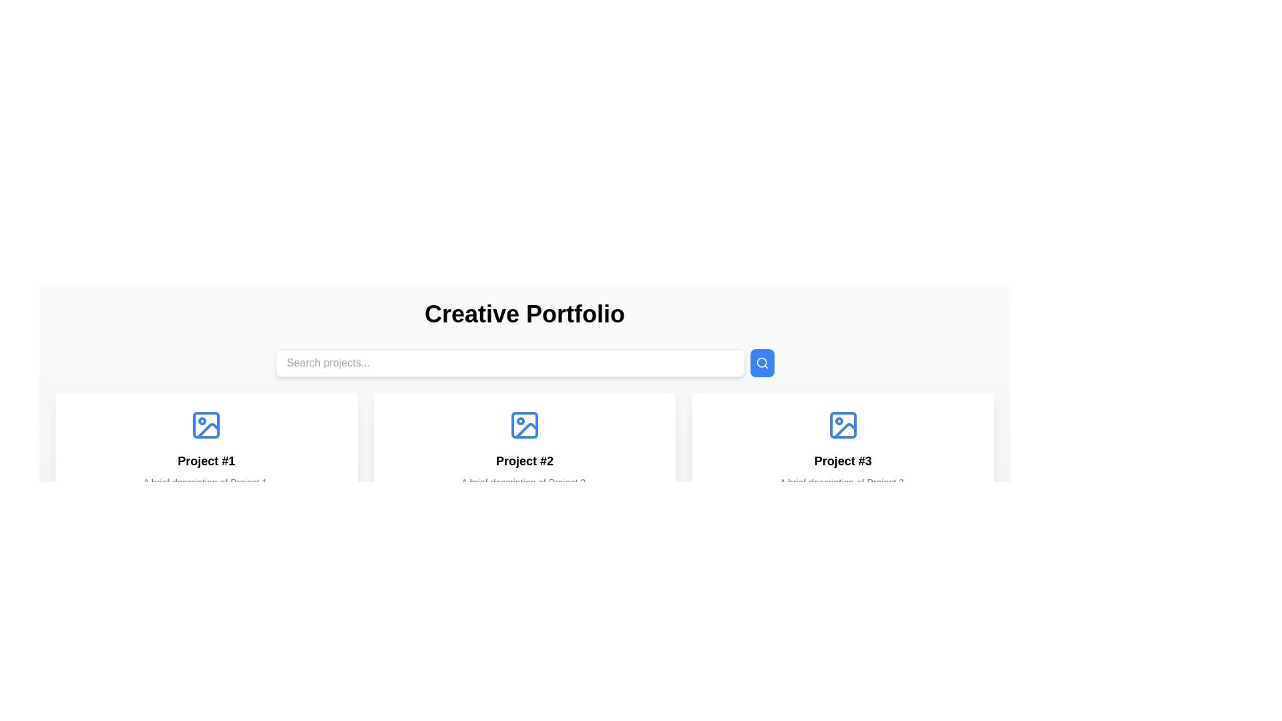  Describe the element at coordinates (524, 465) in the screenshot. I see `the middle card in the top row of the portfolio` at that location.